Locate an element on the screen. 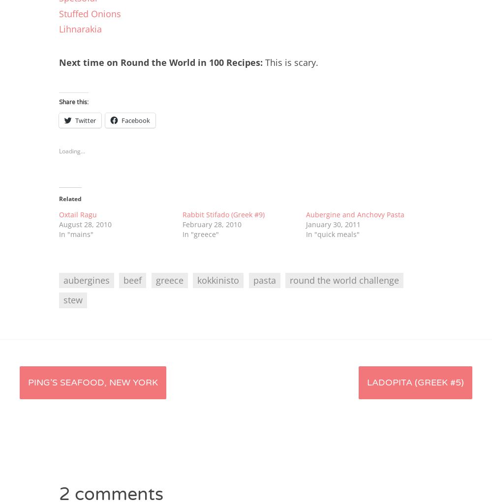  'Share this:' is located at coordinates (74, 102).